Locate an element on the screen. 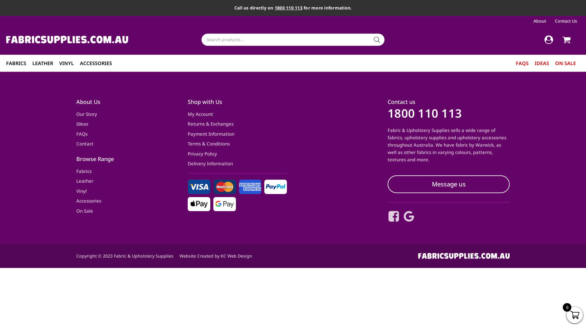  'Contact Us' is located at coordinates (554, 21).